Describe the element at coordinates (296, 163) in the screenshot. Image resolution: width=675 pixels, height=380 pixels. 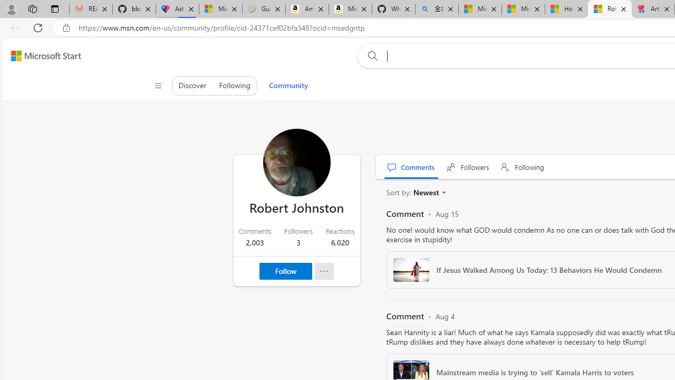
I see `'Profile Picture'` at that location.